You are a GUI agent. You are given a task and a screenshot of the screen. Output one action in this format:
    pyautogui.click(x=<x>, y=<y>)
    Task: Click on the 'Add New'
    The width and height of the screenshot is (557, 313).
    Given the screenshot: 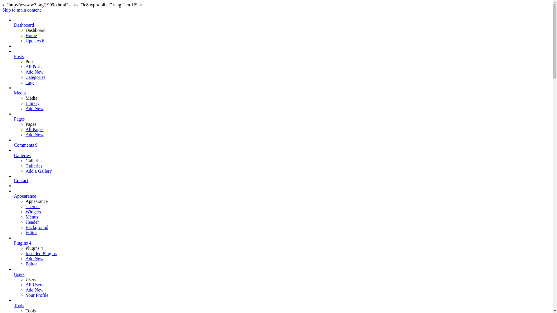 What is the action you would take?
    pyautogui.click(x=34, y=72)
    